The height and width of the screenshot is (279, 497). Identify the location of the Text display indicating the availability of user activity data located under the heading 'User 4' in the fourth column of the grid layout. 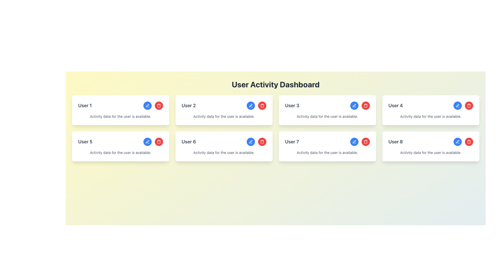
(431, 117).